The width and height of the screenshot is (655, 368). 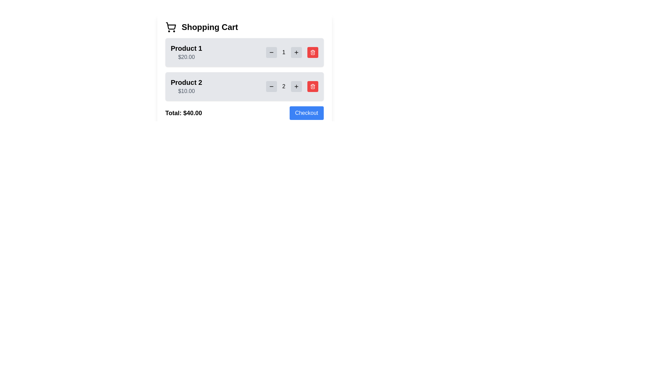 I want to click on the remove button for 'Product 2' in the shopping cart, so click(x=312, y=86).